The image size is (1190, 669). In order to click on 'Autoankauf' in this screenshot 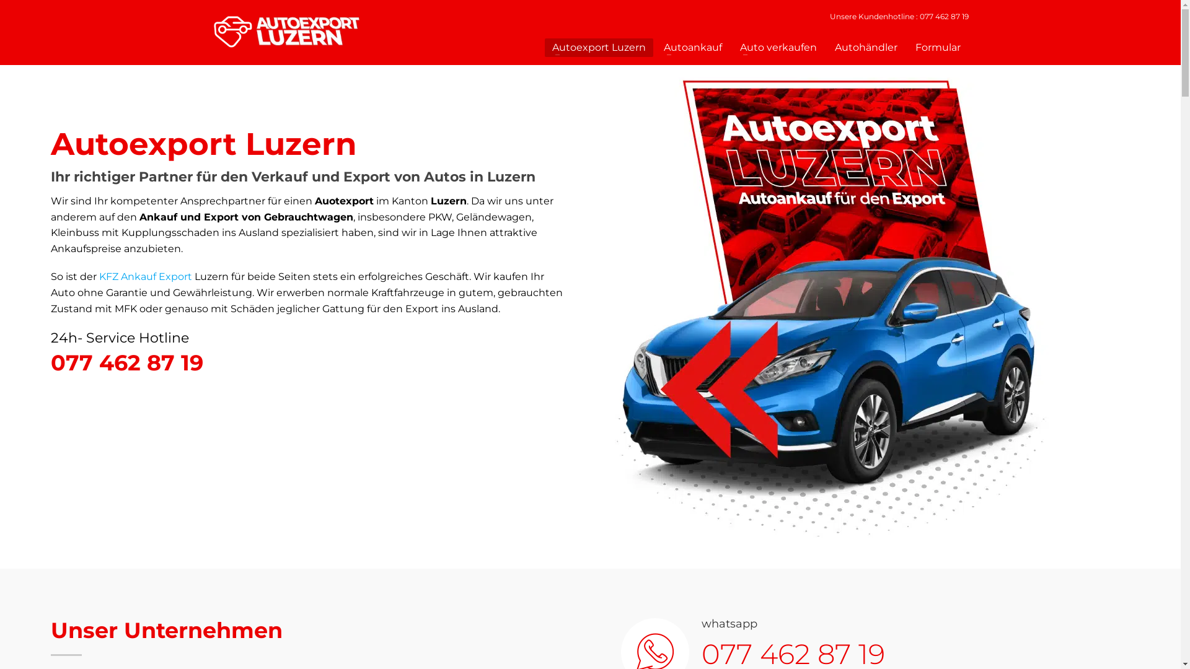, I will do `click(692, 47)`.